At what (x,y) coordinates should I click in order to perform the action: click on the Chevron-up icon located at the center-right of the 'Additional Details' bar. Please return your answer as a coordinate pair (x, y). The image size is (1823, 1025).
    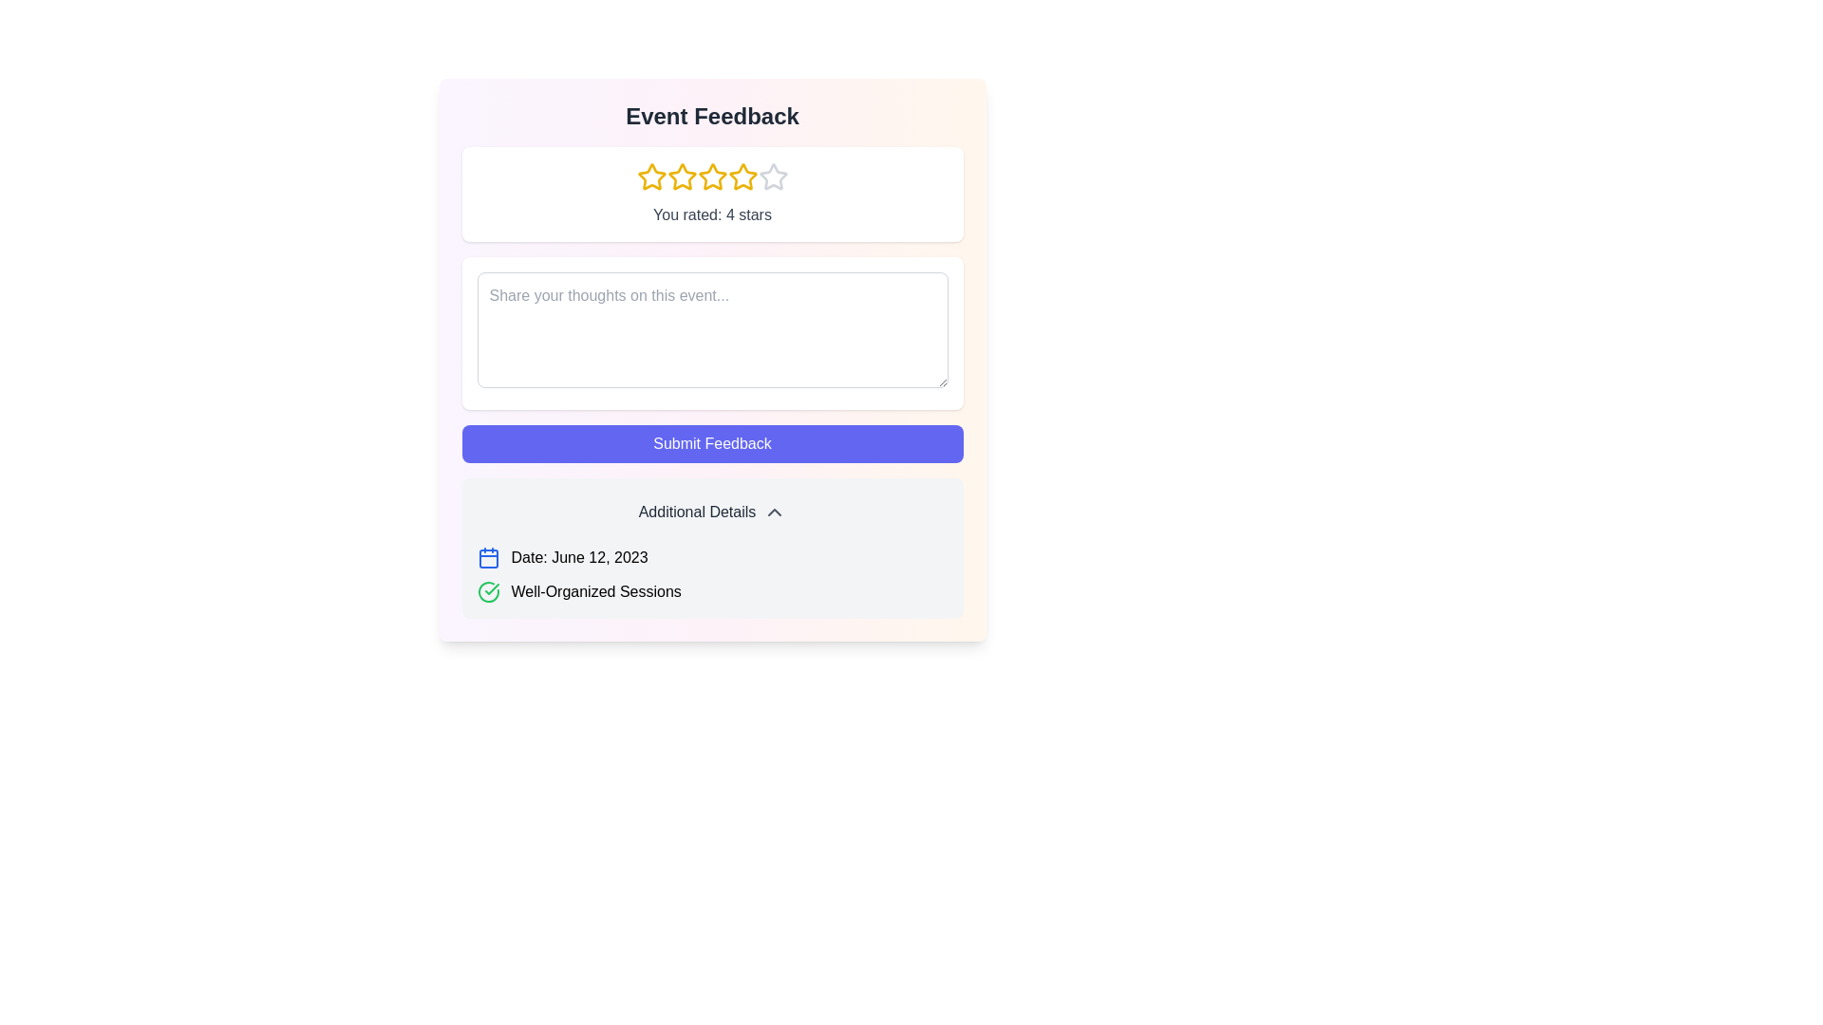
    Looking at the image, I should click on (775, 512).